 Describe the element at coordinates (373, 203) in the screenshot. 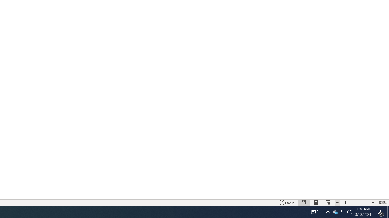

I see `'Increase Text Size'` at that location.